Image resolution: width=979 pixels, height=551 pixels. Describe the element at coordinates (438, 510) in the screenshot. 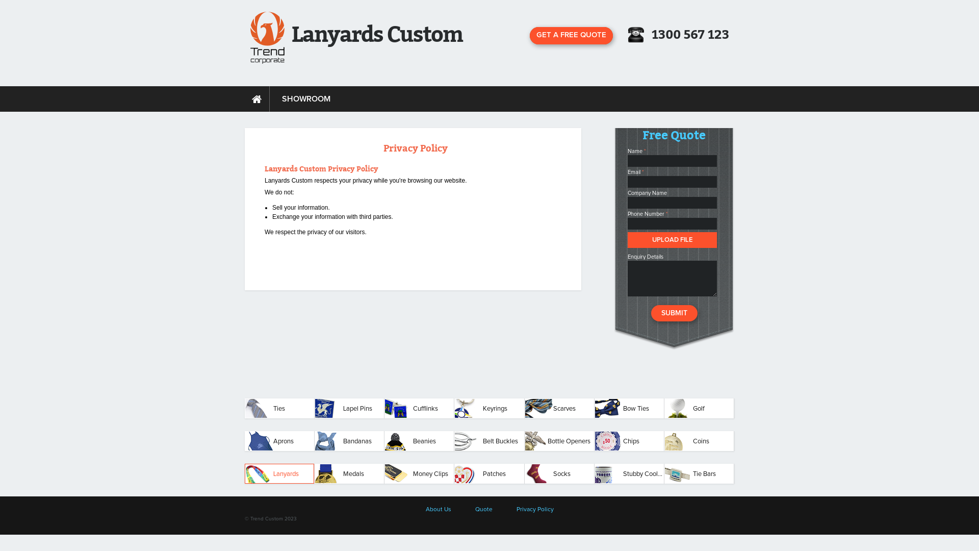

I see `'About Us'` at that location.